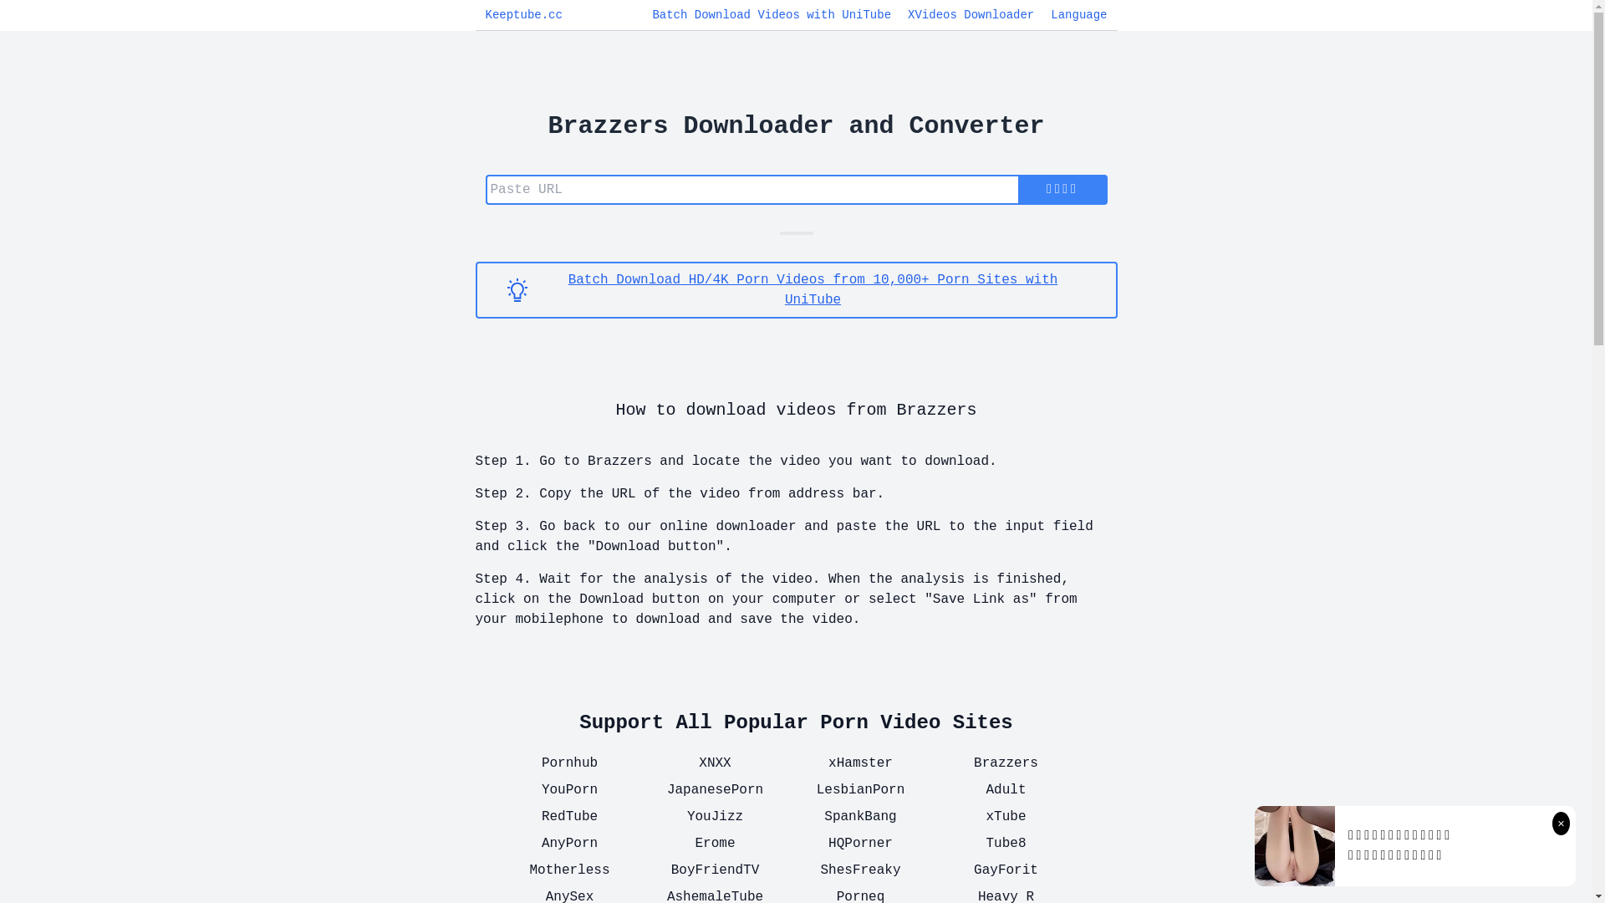 Image resolution: width=1605 pixels, height=903 pixels. Describe the element at coordinates (770, 15) in the screenshot. I see `'Batch Download Videos with UniTube'` at that location.